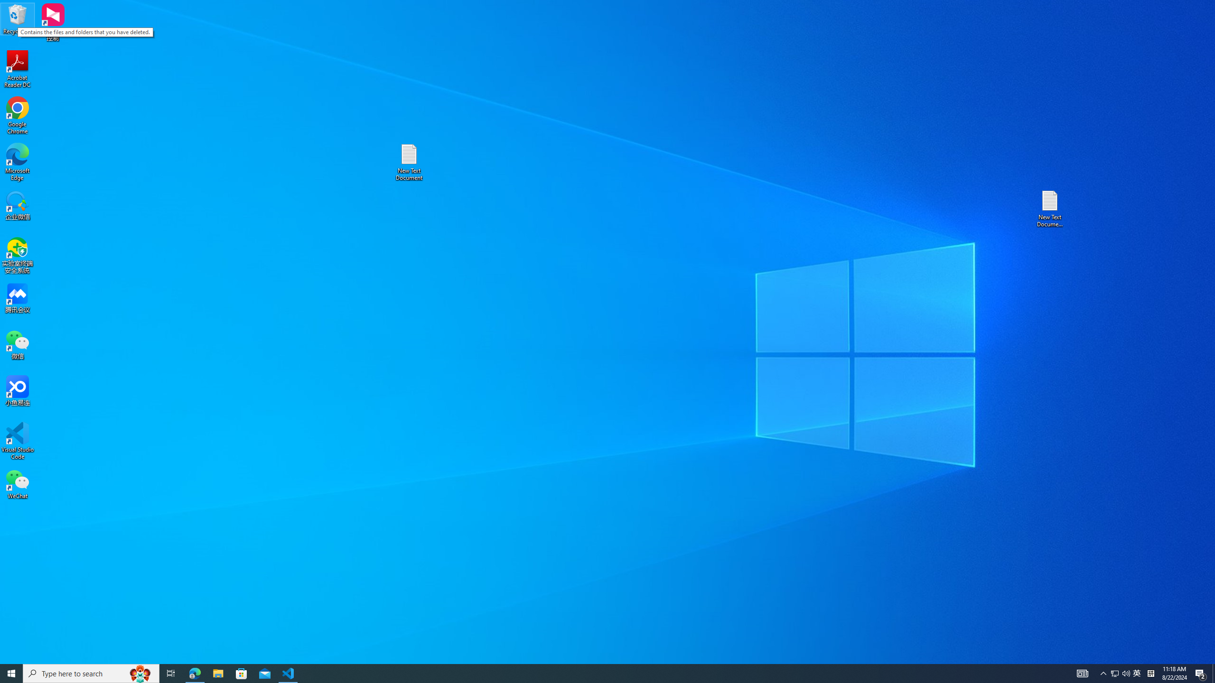 This screenshot has height=683, width=1215. I want to click on 'Microsoft Edge', so click(17, 162).